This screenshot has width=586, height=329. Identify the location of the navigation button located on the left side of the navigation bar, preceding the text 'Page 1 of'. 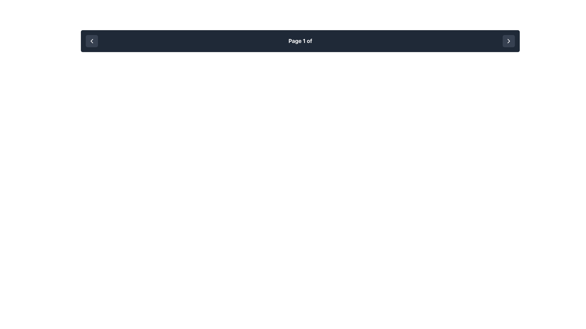
(92, 41).